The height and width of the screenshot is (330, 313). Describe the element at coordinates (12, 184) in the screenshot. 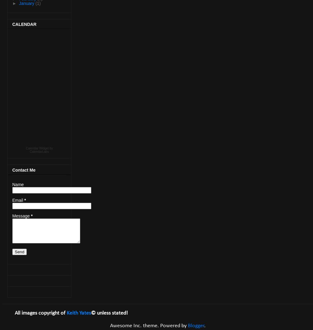

I see `'Name'` at that location.